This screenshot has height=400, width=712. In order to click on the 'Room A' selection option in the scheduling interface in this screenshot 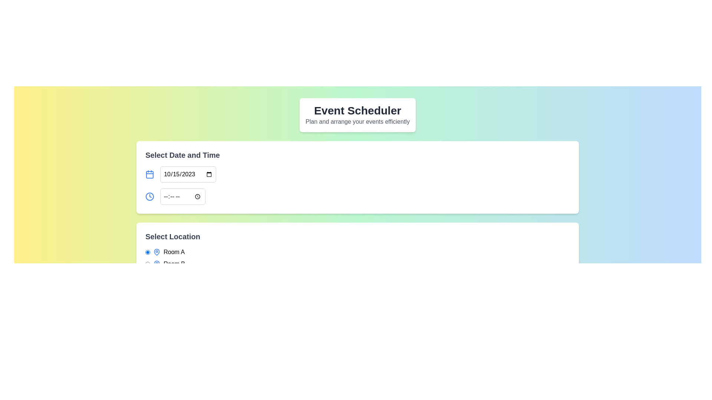, I will do `click(165, 252)`.